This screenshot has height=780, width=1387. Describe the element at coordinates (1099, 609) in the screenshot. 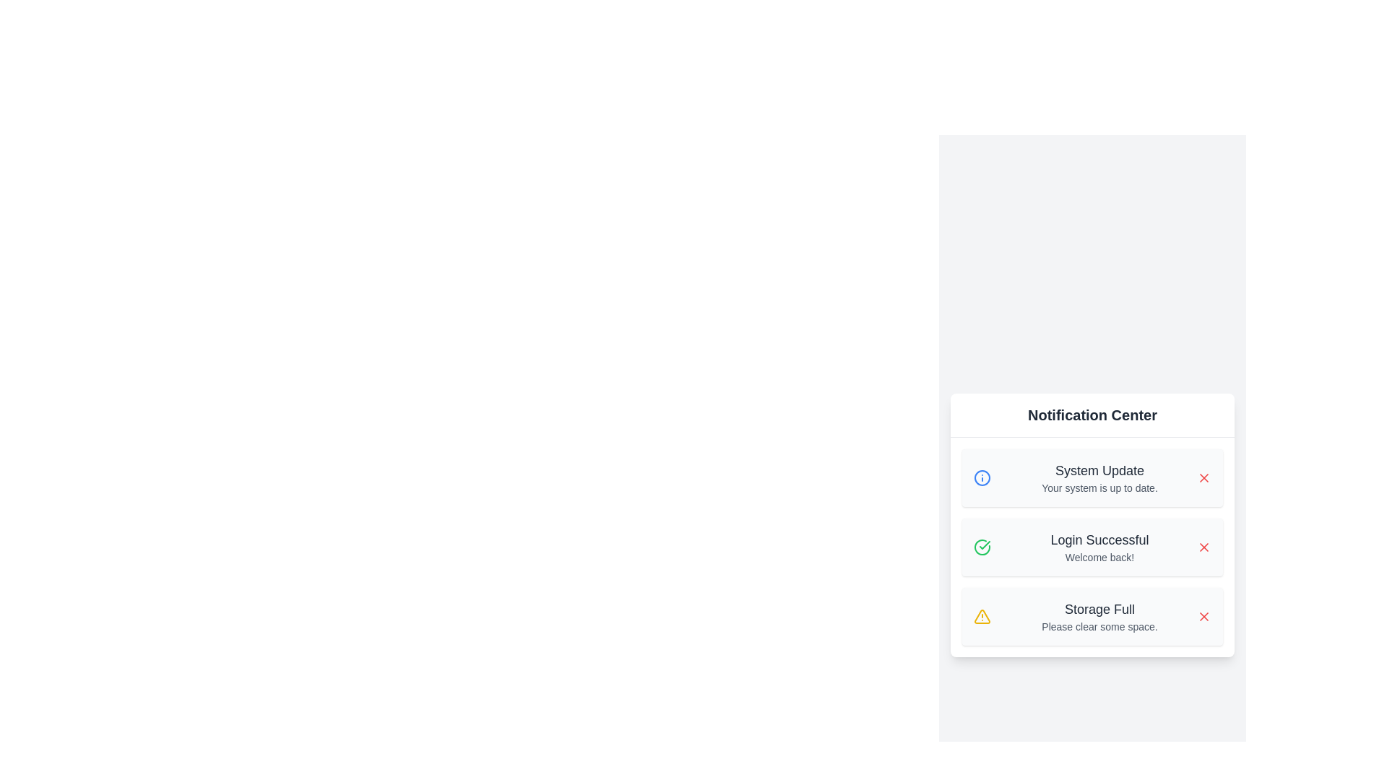

I see `notification text about storage capacity being full, which is the third item in the Notification Center panel, located next to the warning icon` at that location.